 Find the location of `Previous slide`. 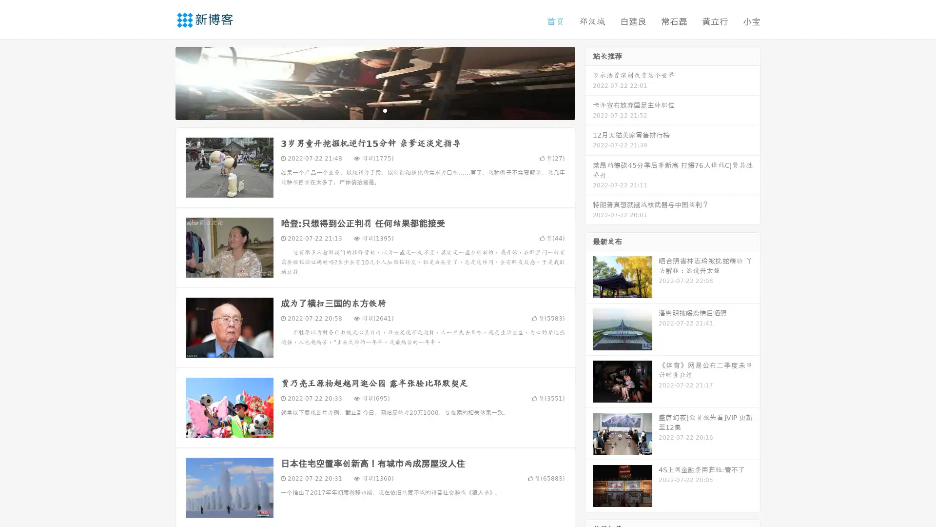

Previous slide is located at coordinates (161, 82).